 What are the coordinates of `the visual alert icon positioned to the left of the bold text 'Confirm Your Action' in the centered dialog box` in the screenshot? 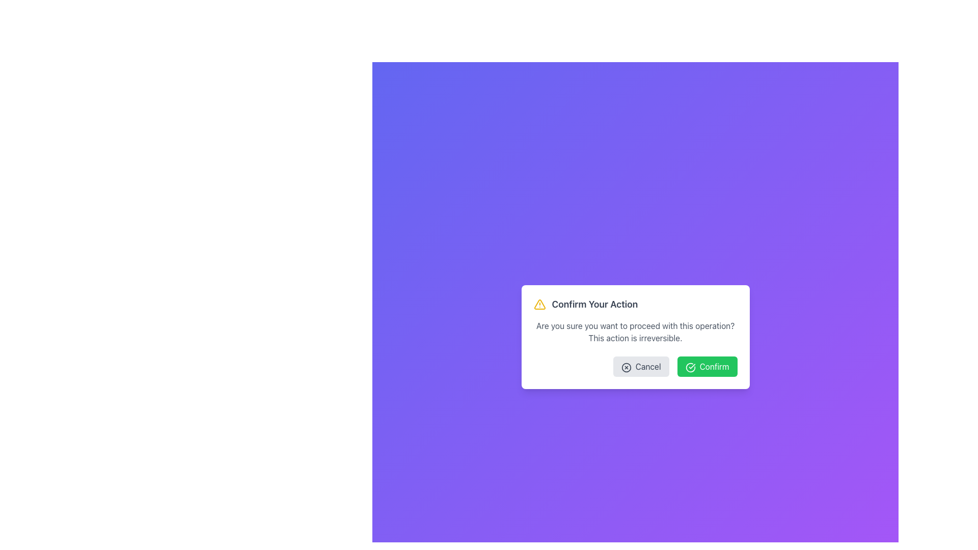 It's located at (539, 304).